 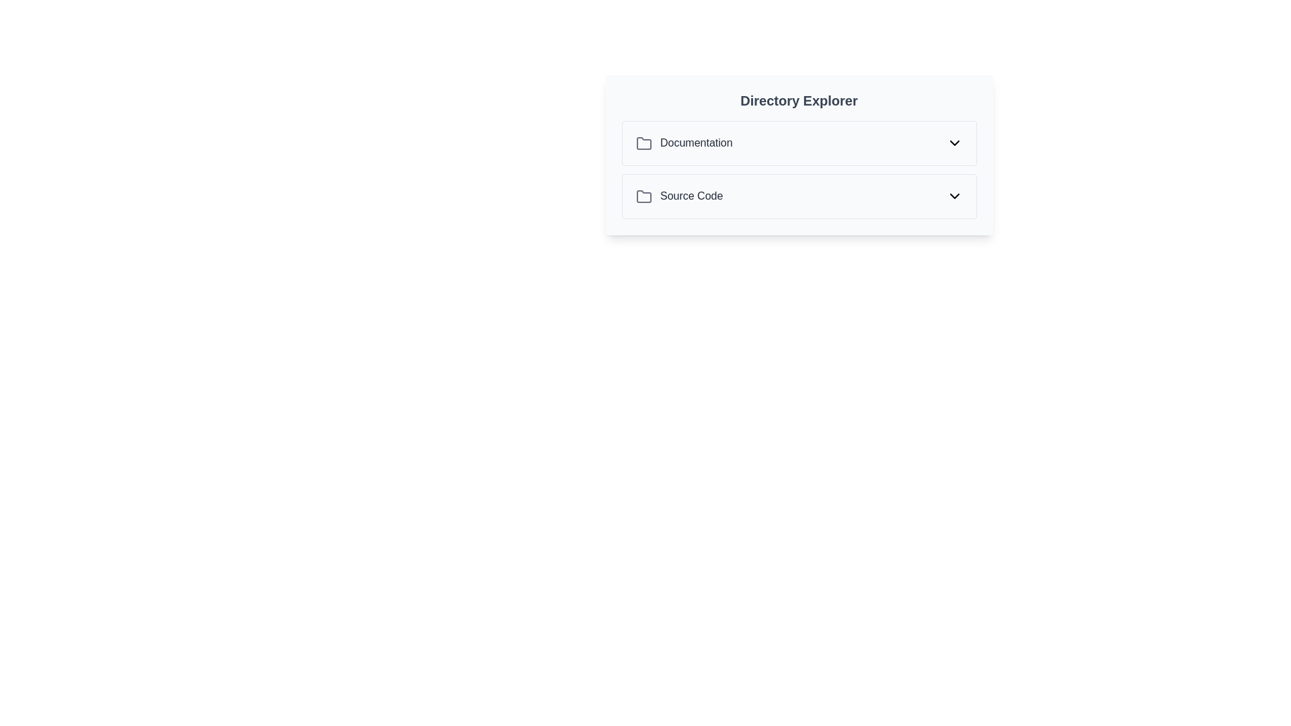 I want to click on the chevron icon located at the rightmost end of the 'Documentation' menu entry, so click(x=953, y=143).